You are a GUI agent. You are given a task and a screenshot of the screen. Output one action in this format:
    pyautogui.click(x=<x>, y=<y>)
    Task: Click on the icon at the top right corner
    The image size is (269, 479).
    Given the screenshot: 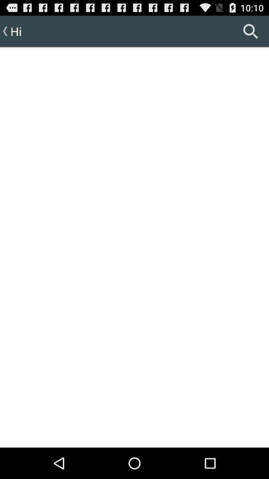 What is the action you would take?
    pyautogui.click(x=250, y=31)
    